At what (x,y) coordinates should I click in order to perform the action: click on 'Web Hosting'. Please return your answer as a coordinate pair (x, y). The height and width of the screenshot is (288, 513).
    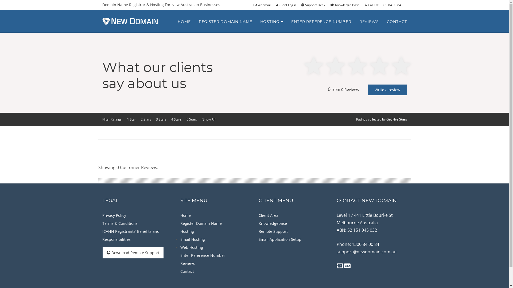
    Looking at the image, I should click on (192, 247).